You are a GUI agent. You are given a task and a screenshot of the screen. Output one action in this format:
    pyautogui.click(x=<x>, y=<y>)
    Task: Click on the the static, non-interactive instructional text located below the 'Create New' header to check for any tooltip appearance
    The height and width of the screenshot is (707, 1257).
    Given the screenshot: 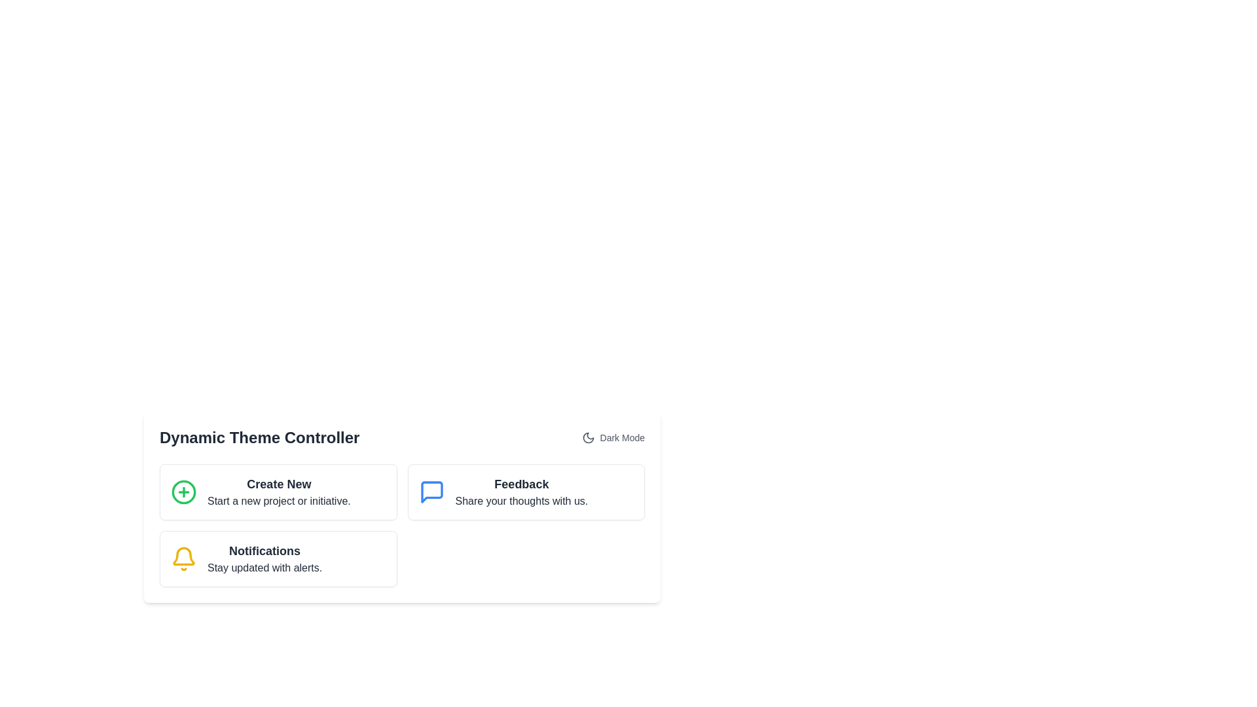 What is the action you would take?
    pyautogui.click(x=278, y=501)
    